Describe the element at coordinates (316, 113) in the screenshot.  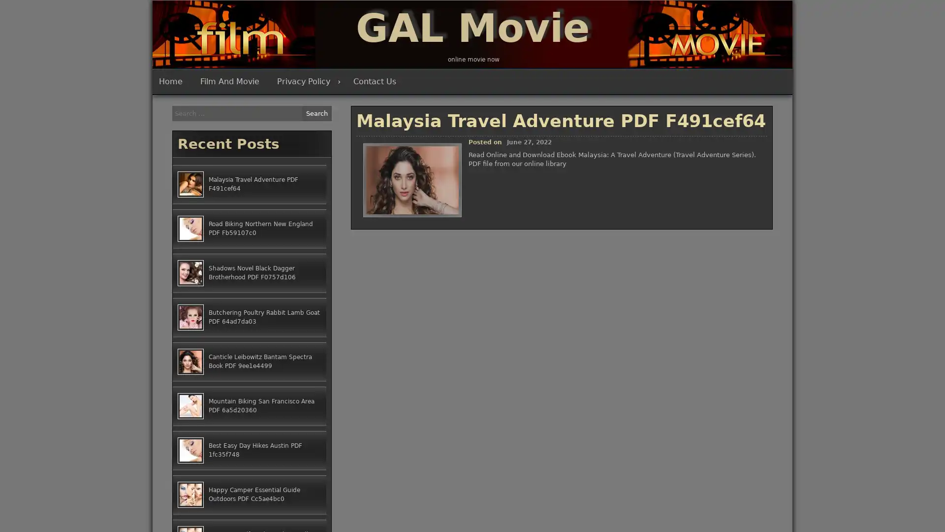
I see `Search` at that location.